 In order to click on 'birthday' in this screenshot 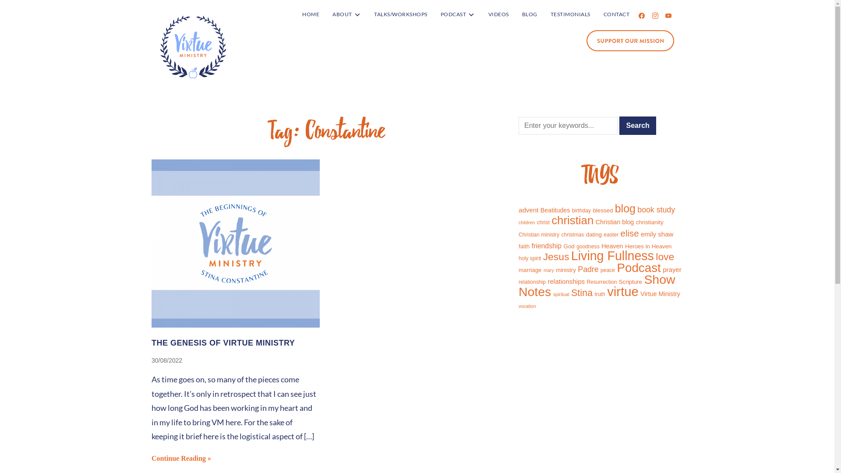, I will do `click(581, 211)`.